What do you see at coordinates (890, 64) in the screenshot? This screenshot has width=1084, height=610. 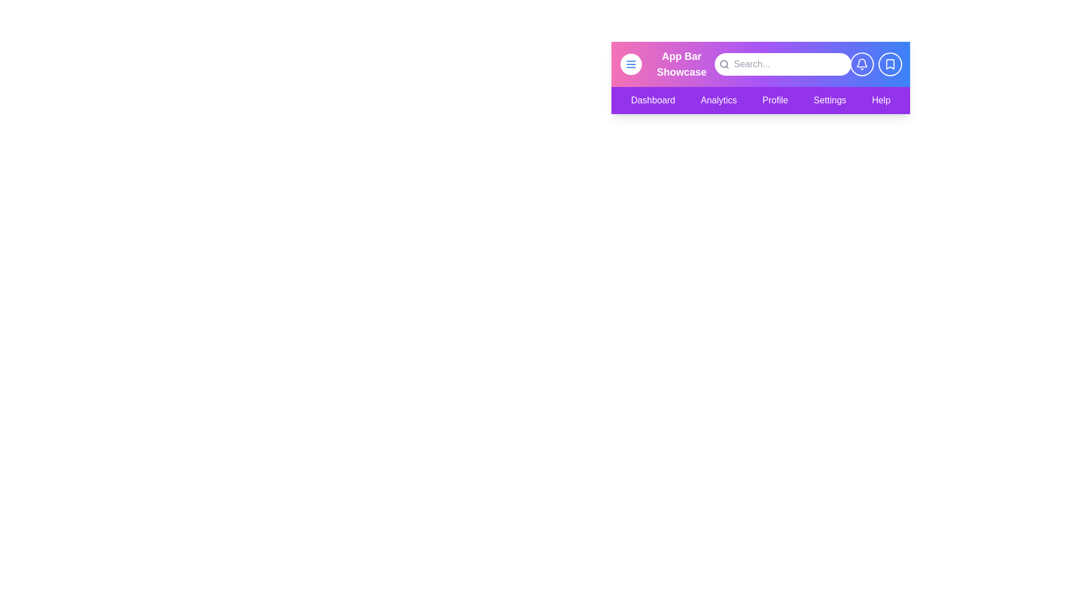 I see `the bookmark button` at bounding box center [890, 64].